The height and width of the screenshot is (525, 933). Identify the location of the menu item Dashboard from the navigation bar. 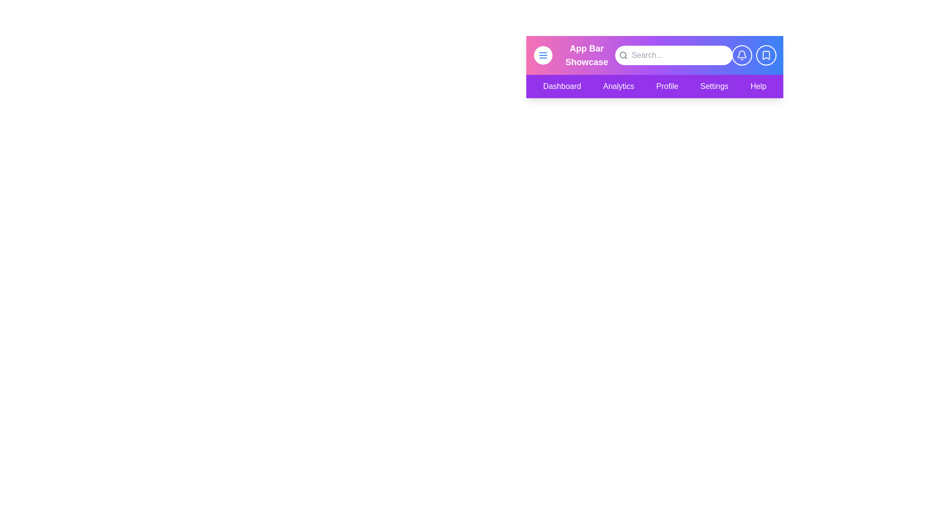
(562, 86).